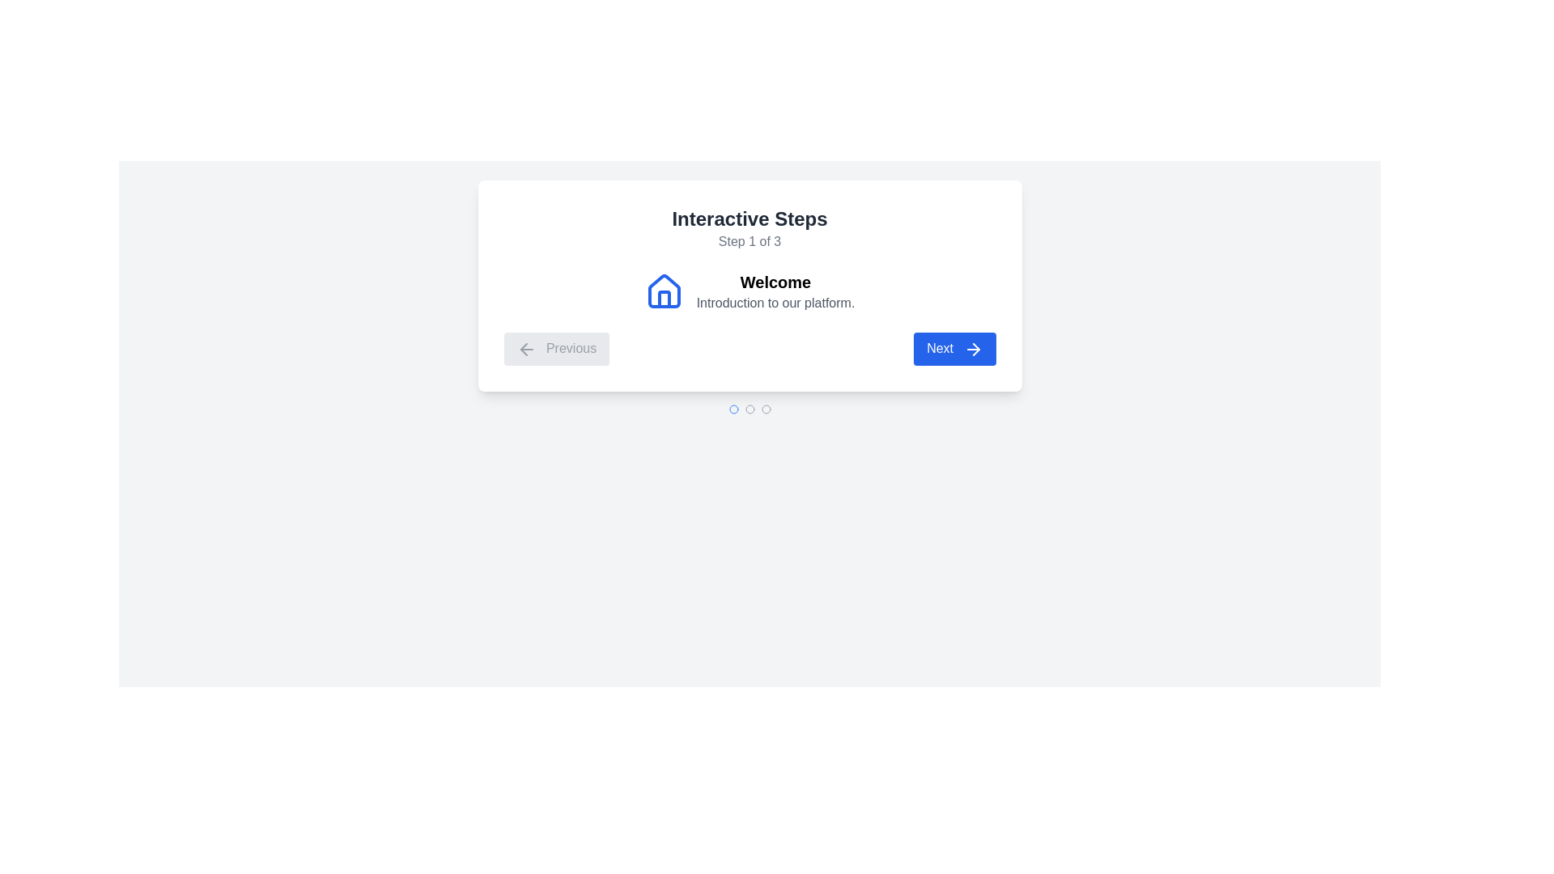  I want to click on the SVG icon depicting a left-pointing arrow, which is part of the 'Previous' button located at the bottom left of the card area, so click(526, 348).